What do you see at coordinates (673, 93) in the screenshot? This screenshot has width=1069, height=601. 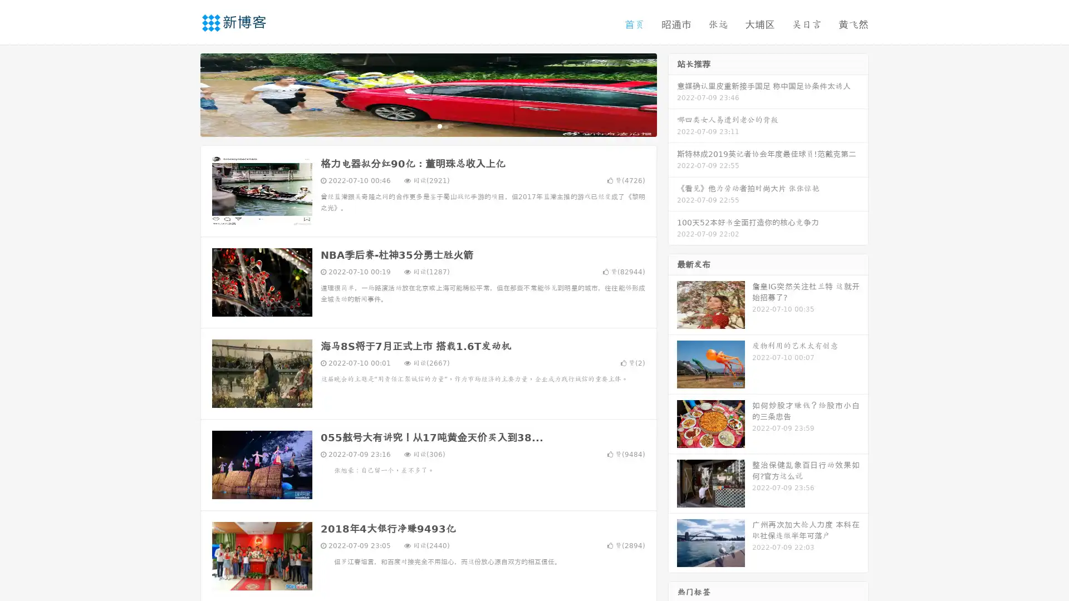 I see `Next slide` at bounding box center [673, 93].